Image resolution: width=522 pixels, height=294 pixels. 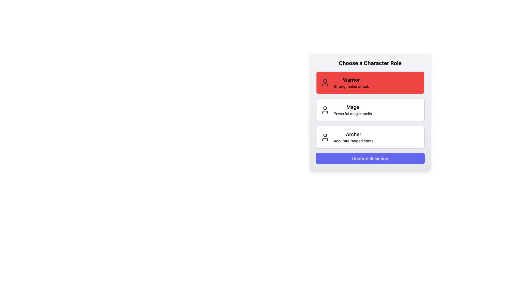 What do you see at coordinates (325, 135) in the screenshot?
I see `the graphical circle representing the head within the third user profile icon for the 'Archer' role selection, located under the 'Choose a Character Role' heading` at bounding box center [325, 135].